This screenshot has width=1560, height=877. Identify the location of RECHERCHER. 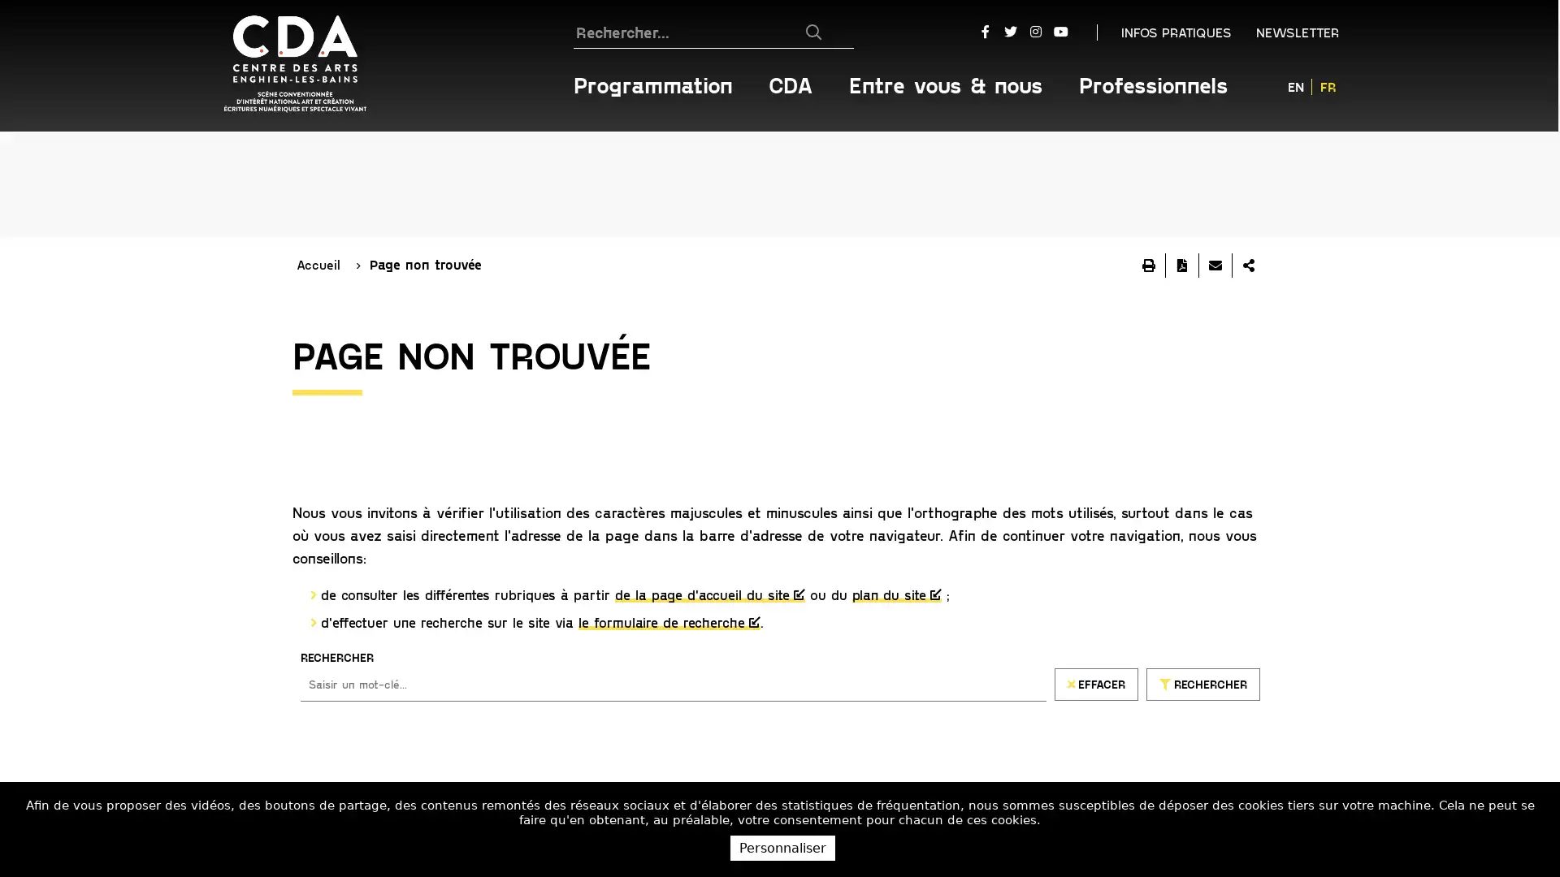
(1202, 577).